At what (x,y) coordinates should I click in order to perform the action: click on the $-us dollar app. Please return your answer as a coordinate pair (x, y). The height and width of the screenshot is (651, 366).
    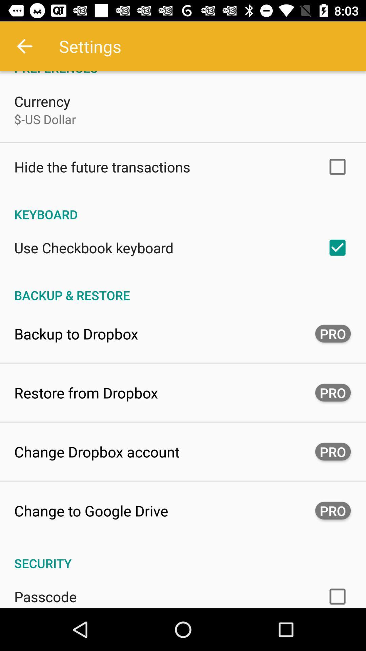
    Looking at the image, I should click on (45, 119).